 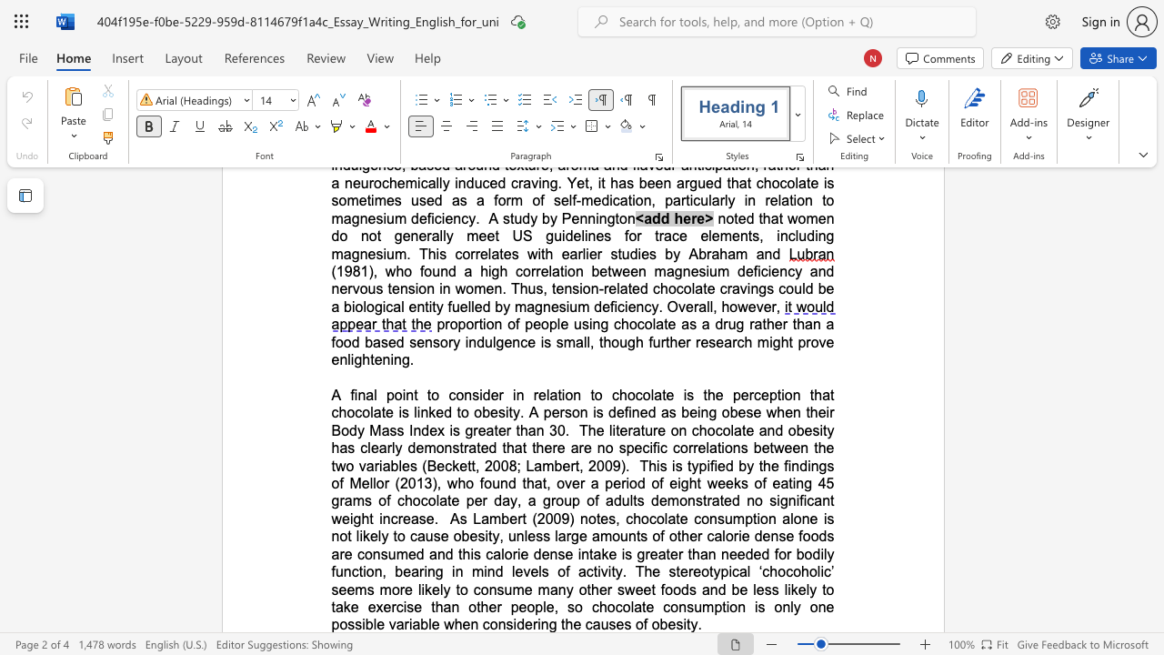 What do you see at coordinates (689, 623) in the screenshot?
I see `the subset text "y." within the text "e causes of obesity."` at bounding box center [689, 623].